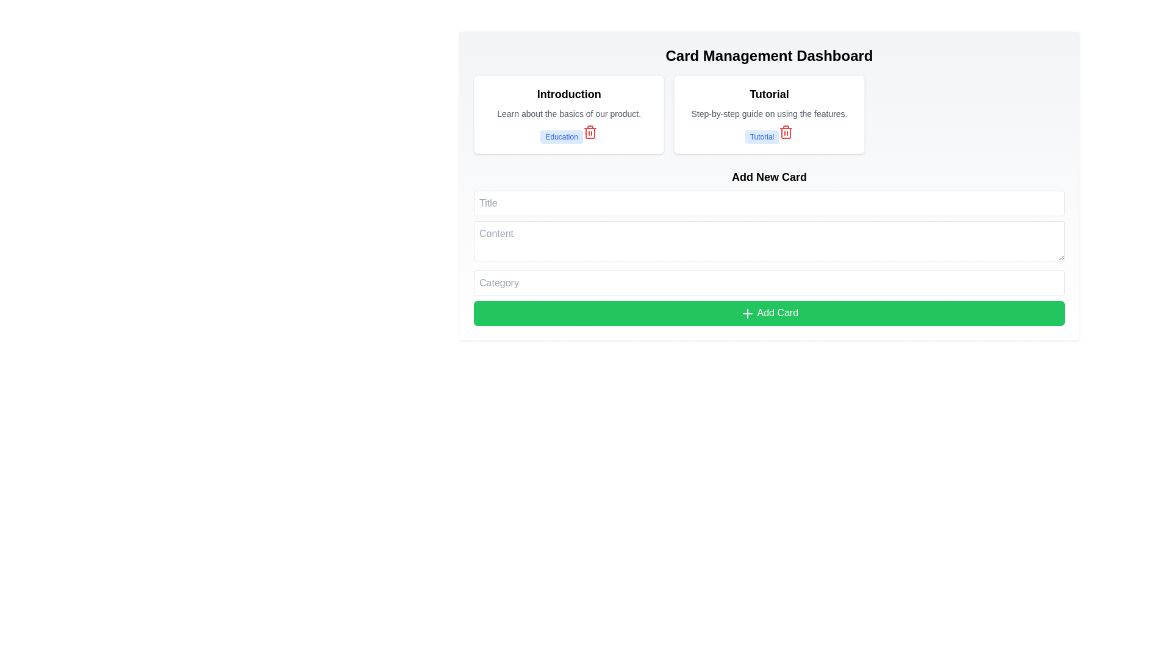  Describe the element at coordinates (590, 133) in the screenshot. I see `the right vertical wall of the trash bin icon located on the right side of the 'Introduction' card in the dashboard` at that location.